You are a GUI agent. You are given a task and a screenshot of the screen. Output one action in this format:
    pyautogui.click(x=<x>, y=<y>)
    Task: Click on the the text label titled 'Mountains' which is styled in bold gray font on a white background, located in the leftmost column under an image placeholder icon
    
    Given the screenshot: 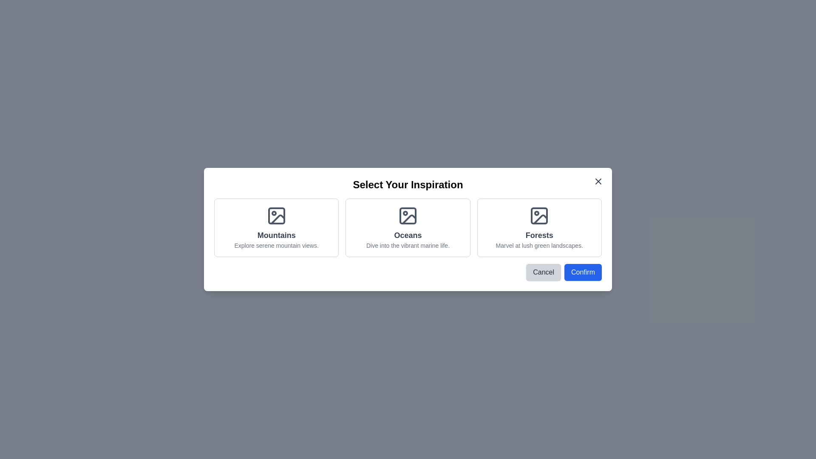 What is the action you would take?
    pyautogui.click(x=276, y=235)
    